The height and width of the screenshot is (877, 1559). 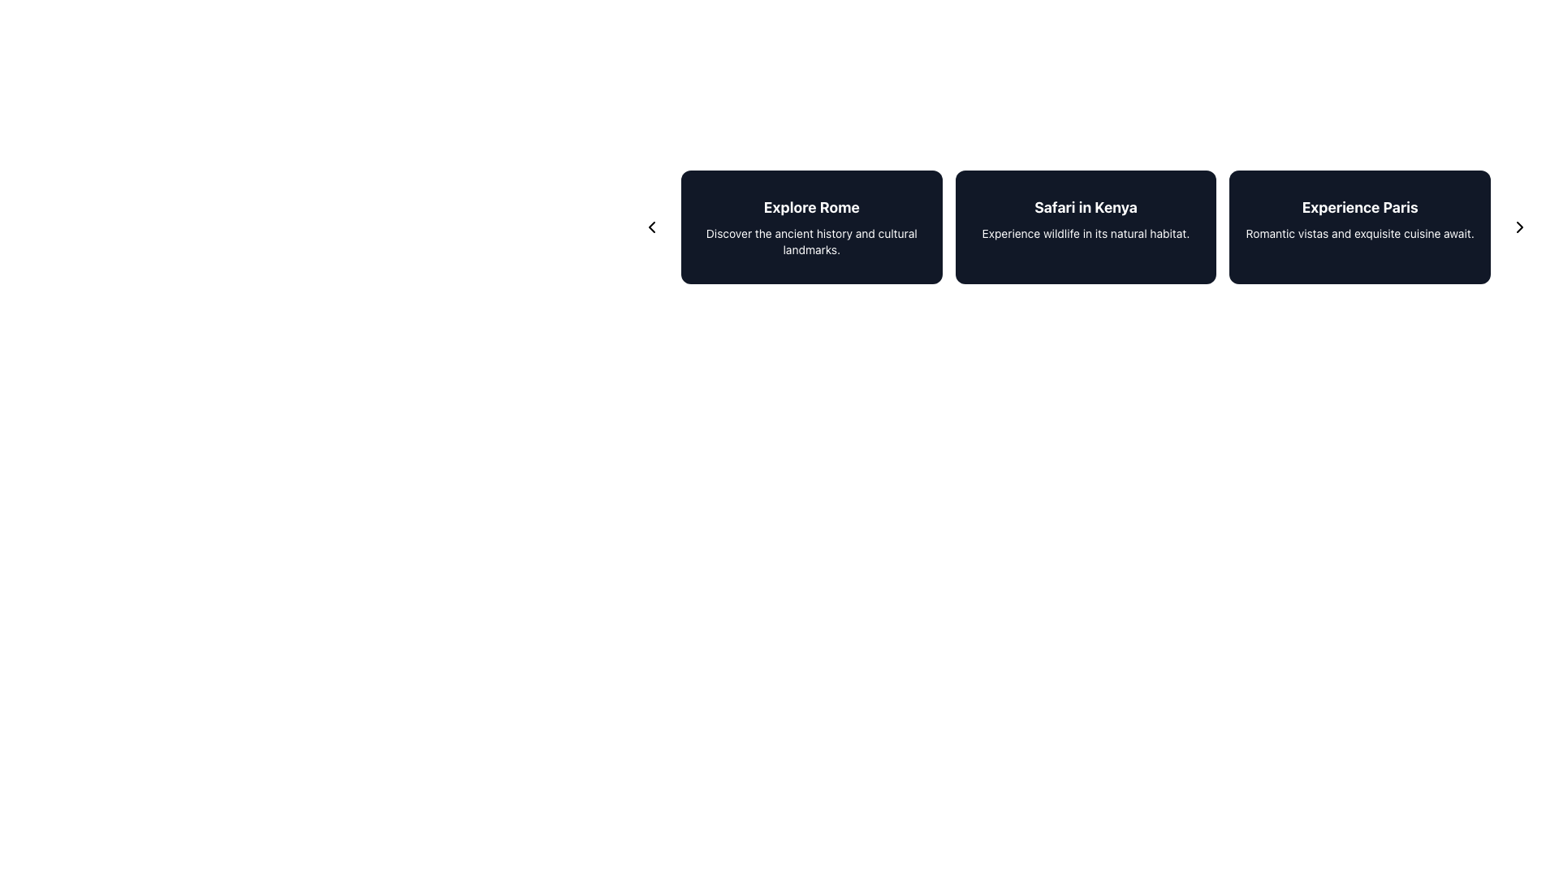 I want to click on the Information Card that promotes romantic and culinary experiences of Paris, positioned as the last element in the grid layout, so click(x=1360, y=227).